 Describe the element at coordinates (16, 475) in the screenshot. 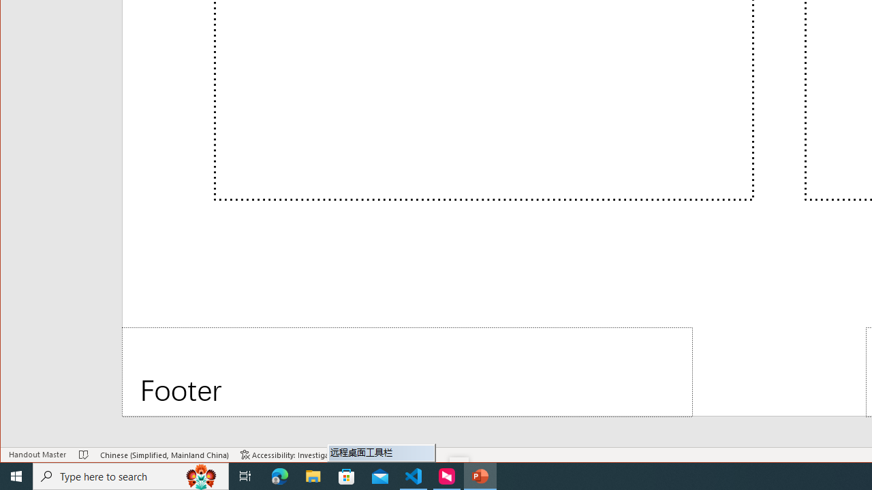

I see `'Start'` at that location.